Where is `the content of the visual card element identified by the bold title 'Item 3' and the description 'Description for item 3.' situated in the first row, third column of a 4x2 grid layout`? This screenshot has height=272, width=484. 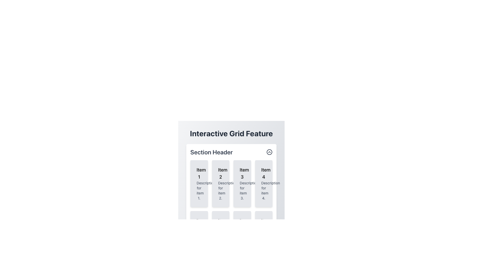
the content of the visual card element identified by the bold title 'Item 3' and the description 'Description for item 3.' situated in the first row, third column of a 4x2 grid layout is located at coordinates (242, 184).